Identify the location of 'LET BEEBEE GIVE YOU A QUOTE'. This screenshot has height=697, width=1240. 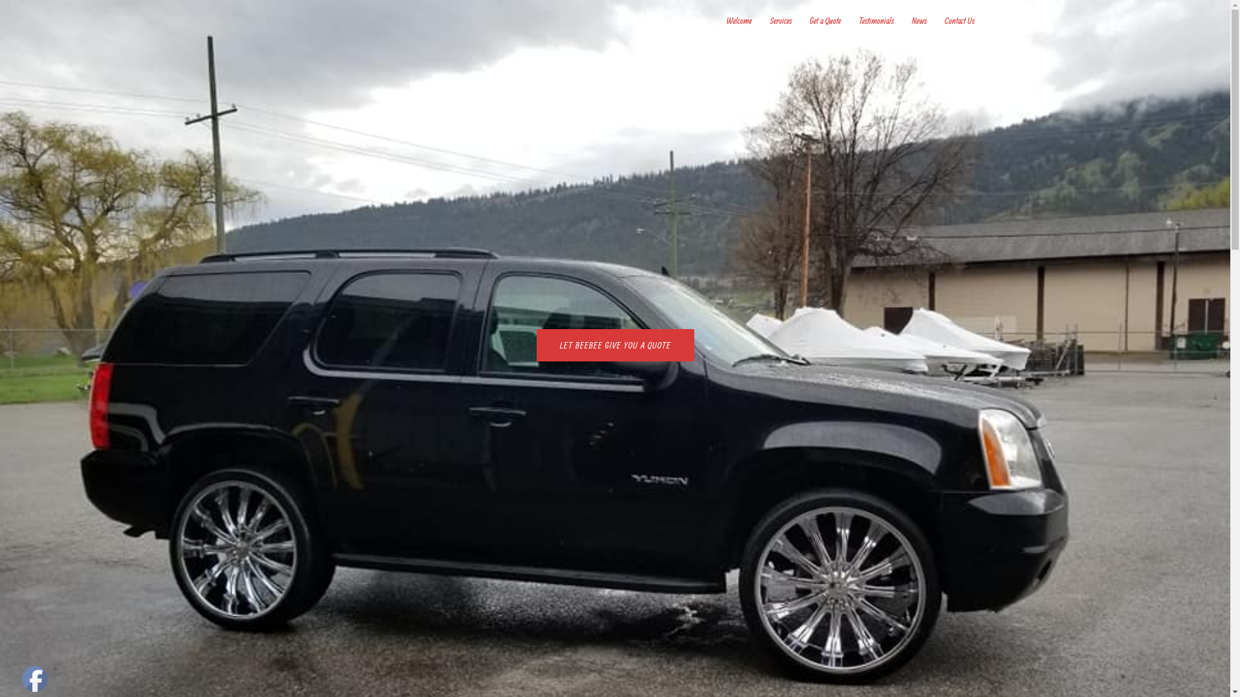
(614, 345).